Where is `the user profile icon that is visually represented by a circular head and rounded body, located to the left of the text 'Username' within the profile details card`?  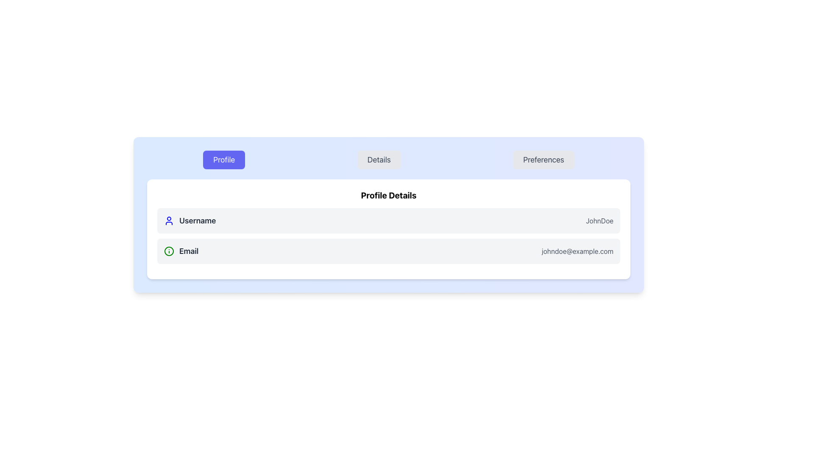
the user profile icon that is visually represented by a circular head and rounded body, located to the left of the text 'Username' within the profile details card is located at coordinates (169, 220).